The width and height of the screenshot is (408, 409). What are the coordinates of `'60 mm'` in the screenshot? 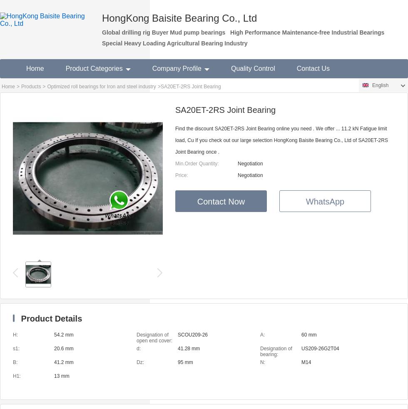 It's located at (308, 334).